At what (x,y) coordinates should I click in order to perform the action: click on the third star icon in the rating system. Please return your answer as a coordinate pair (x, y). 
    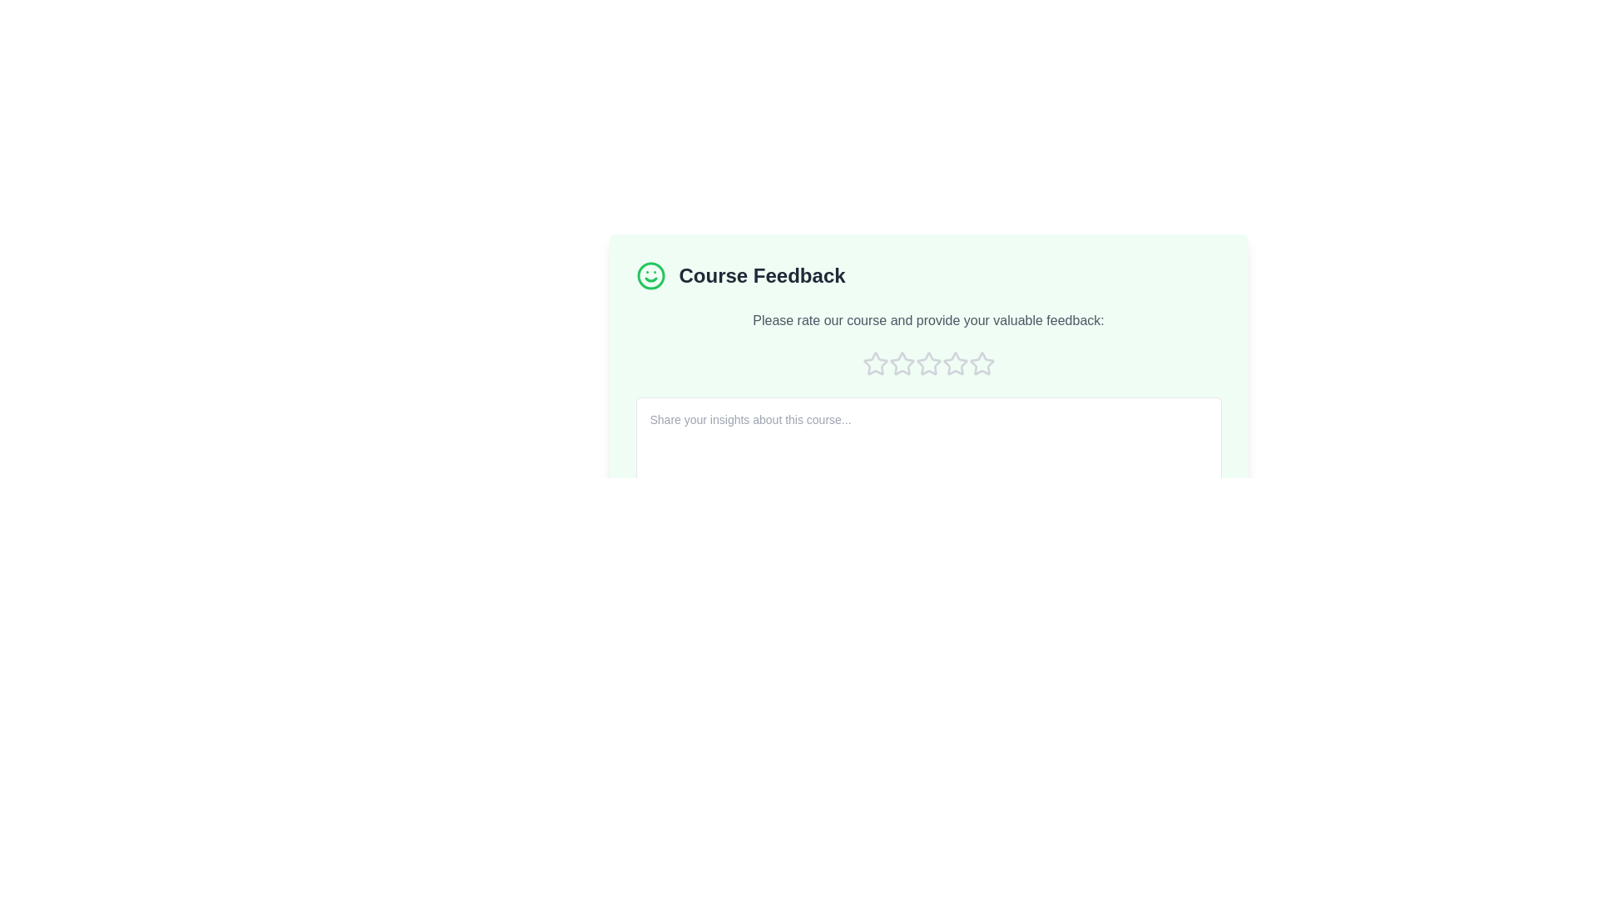
    Looking at the image, I should click on (955, 363).